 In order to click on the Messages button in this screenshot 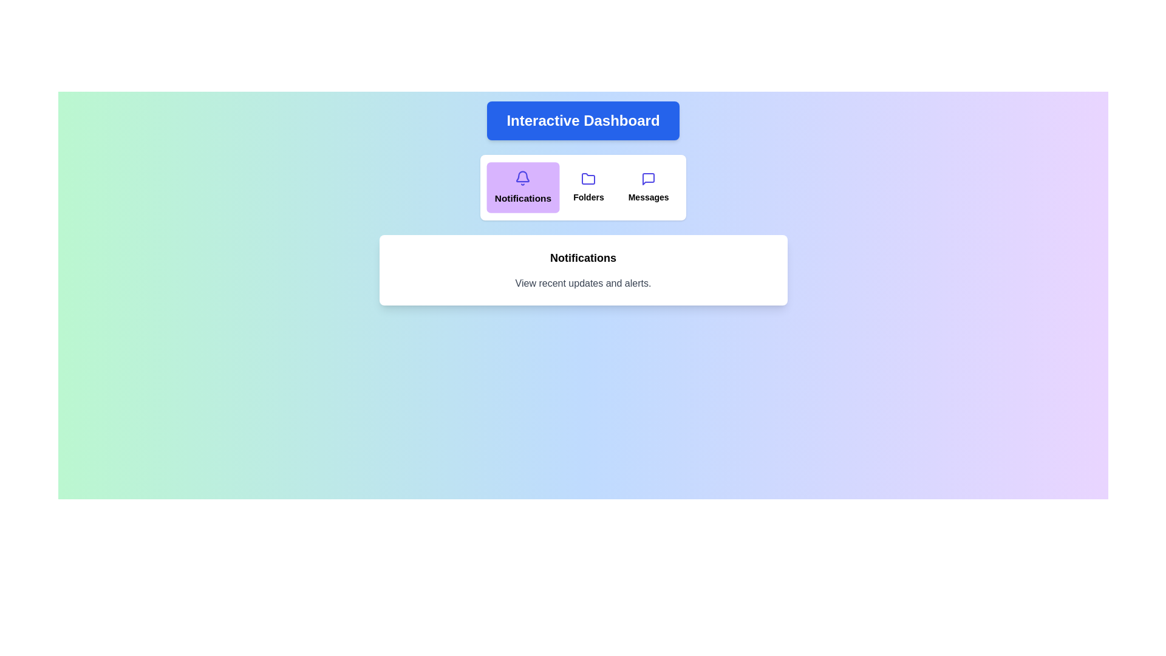, I will do `click(648, 187)`.